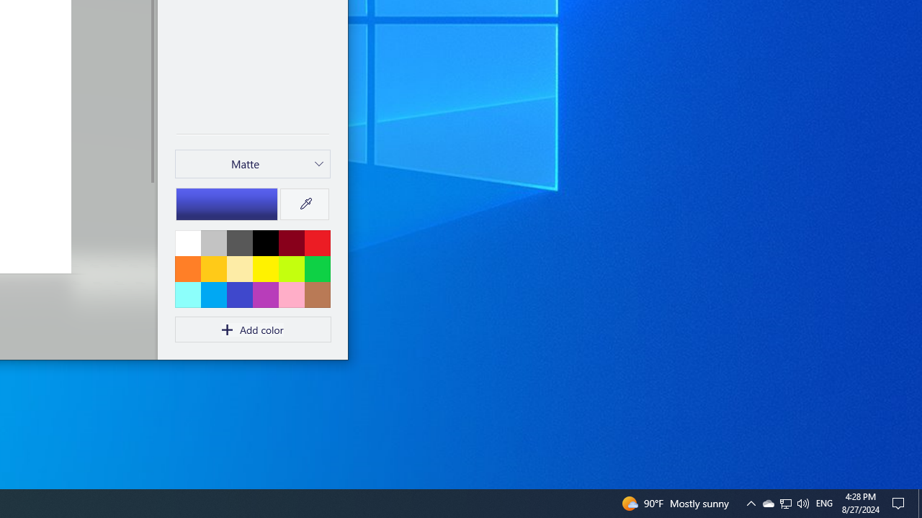  I want to click on 'White', so click(187, 242).